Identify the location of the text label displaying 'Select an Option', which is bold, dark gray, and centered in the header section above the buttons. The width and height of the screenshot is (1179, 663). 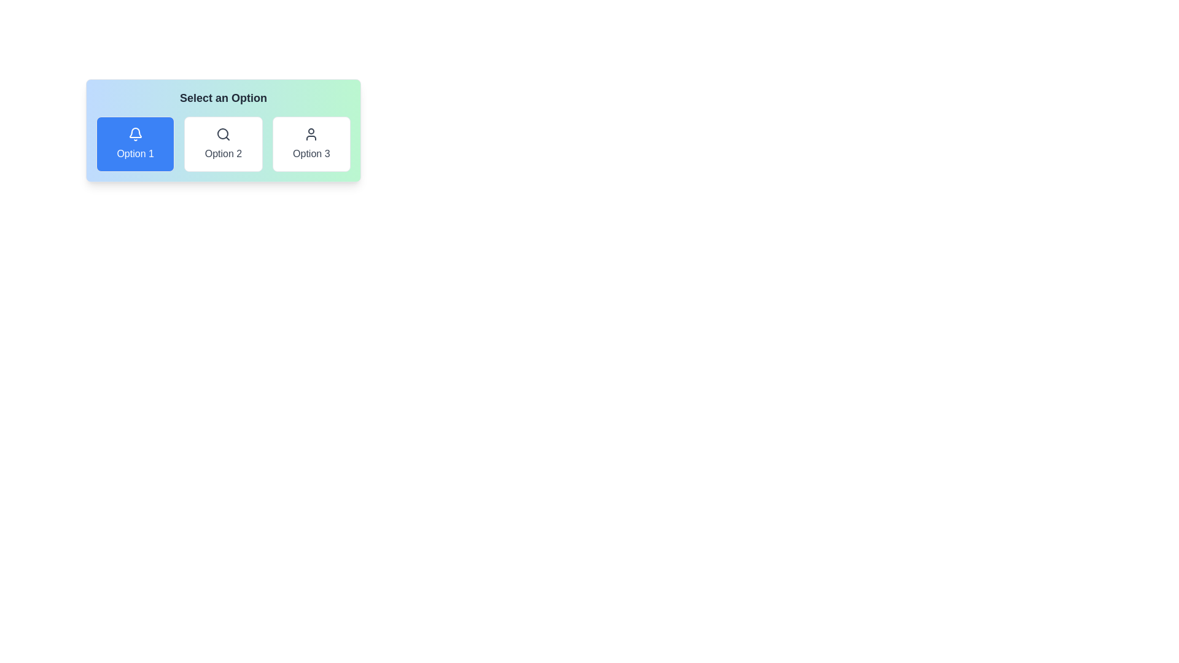
(224, 97).